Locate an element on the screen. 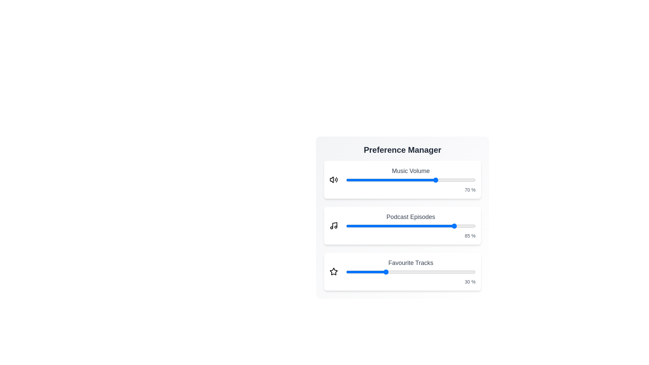  the slider for Music Volume to 0% is located at coordinates (346, 179).